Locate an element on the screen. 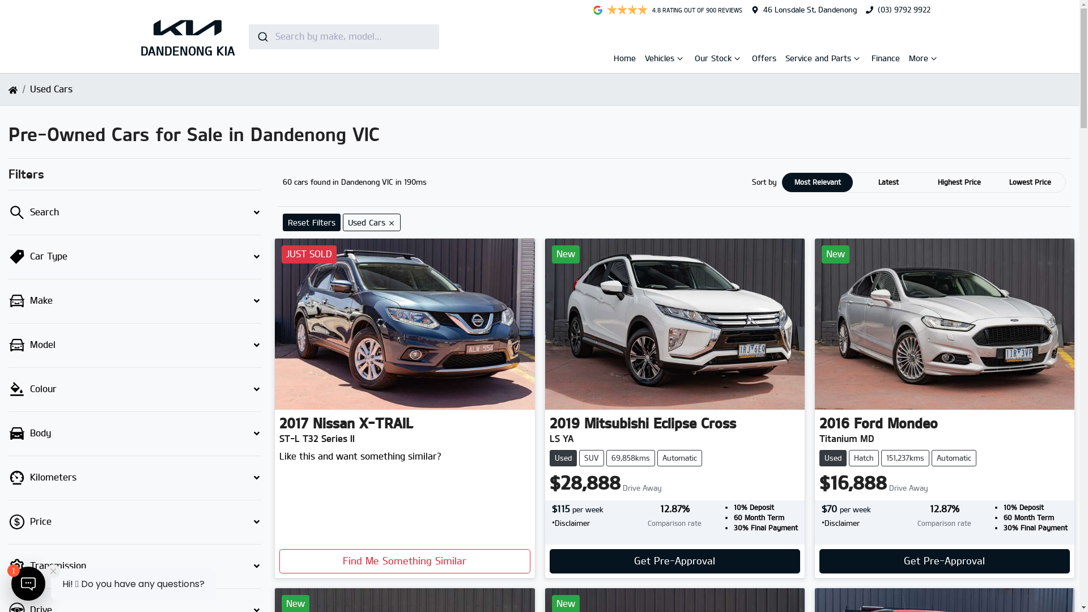  'Get Pre-Approval' is located at coordinates (944, 561).